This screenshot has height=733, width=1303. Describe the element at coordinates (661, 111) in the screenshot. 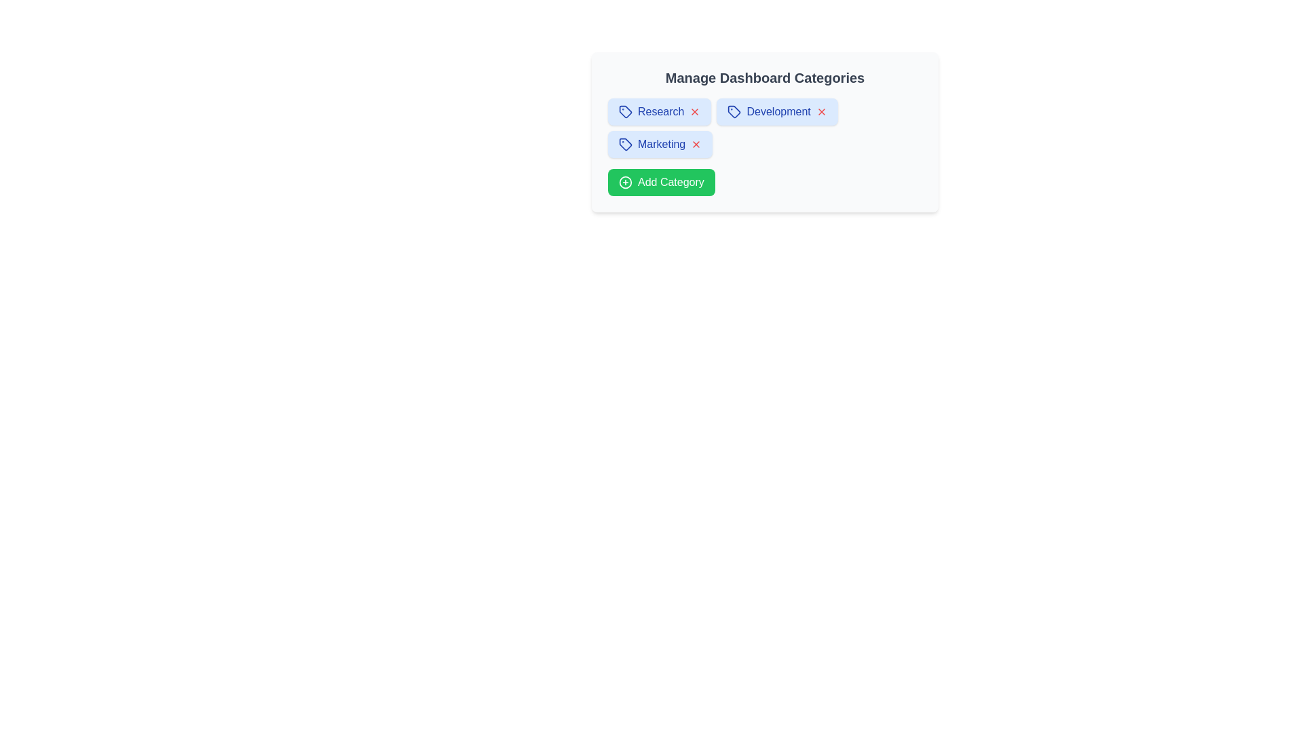

I see `the text of the category chip labeled Research to highlight it` at that location.